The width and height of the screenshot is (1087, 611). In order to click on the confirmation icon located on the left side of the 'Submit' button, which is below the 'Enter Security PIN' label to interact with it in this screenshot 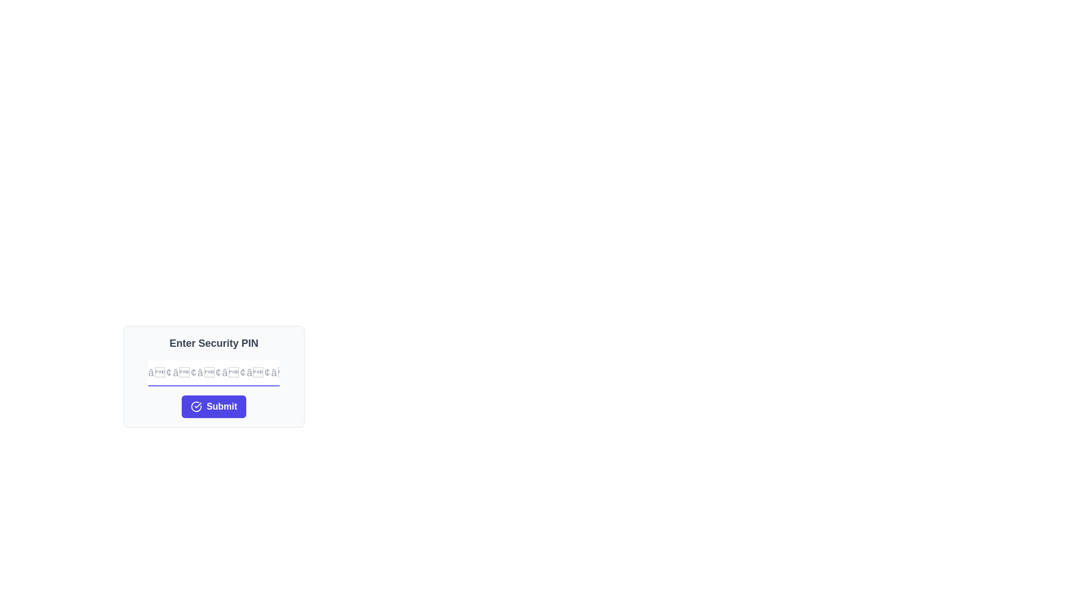, I will do `click(196, 406)`.